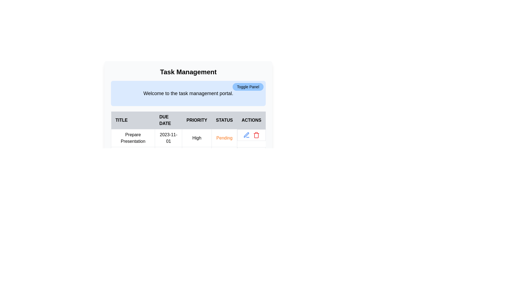 The height and width of the screenshot is (296, 526). Describe the element at coordinates (256, 135) in the screenshot. I see `the trash can icon button used to indicate a delete function, which is the second icon from the right in the 'Actions' section of the task information table` at that location.